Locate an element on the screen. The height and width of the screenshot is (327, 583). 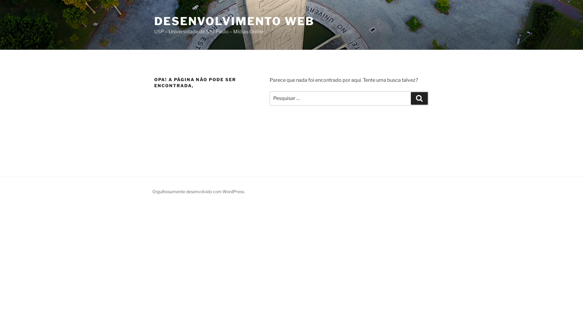
'DESENVOLVIMENTO WEB' is located at coordinates (234, 21).